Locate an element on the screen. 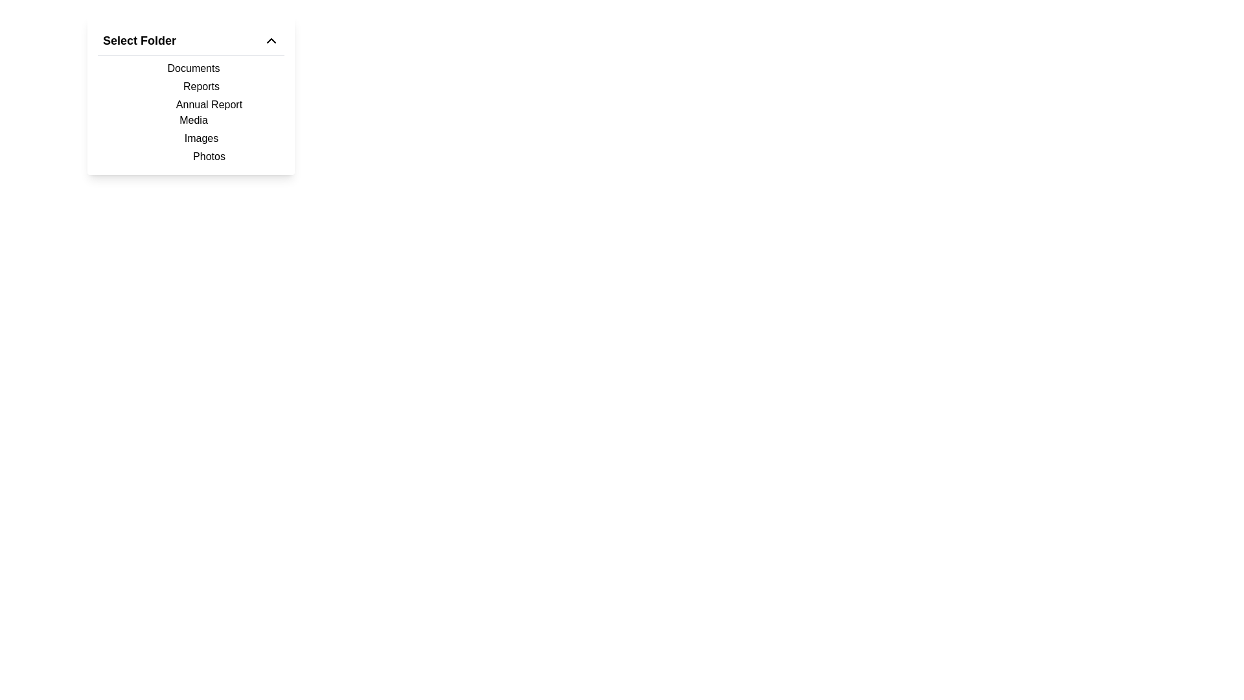 The image size is (1244, 700). the 'Images' menu item in the dropdown menu labeled 'Select Folder' is located at coordinates (201, 138).